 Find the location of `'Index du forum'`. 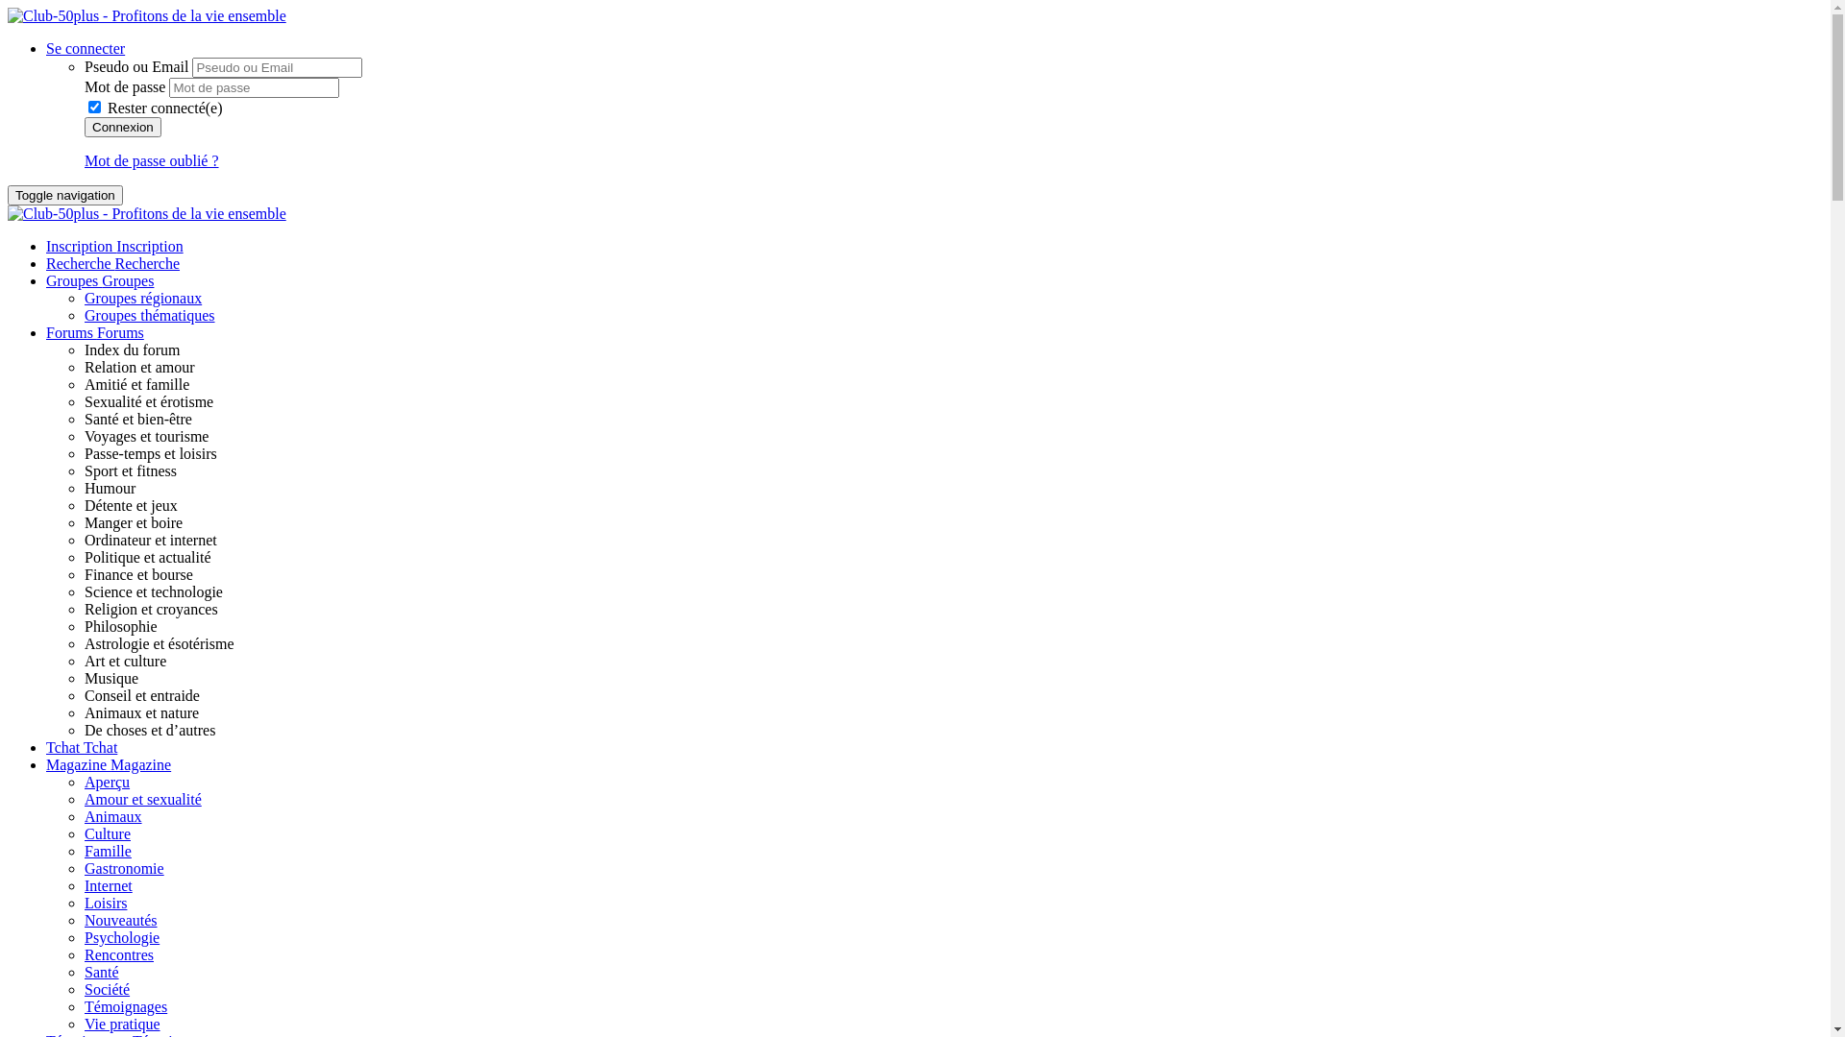

'Index du forum' is located at coordinates (132, 350).